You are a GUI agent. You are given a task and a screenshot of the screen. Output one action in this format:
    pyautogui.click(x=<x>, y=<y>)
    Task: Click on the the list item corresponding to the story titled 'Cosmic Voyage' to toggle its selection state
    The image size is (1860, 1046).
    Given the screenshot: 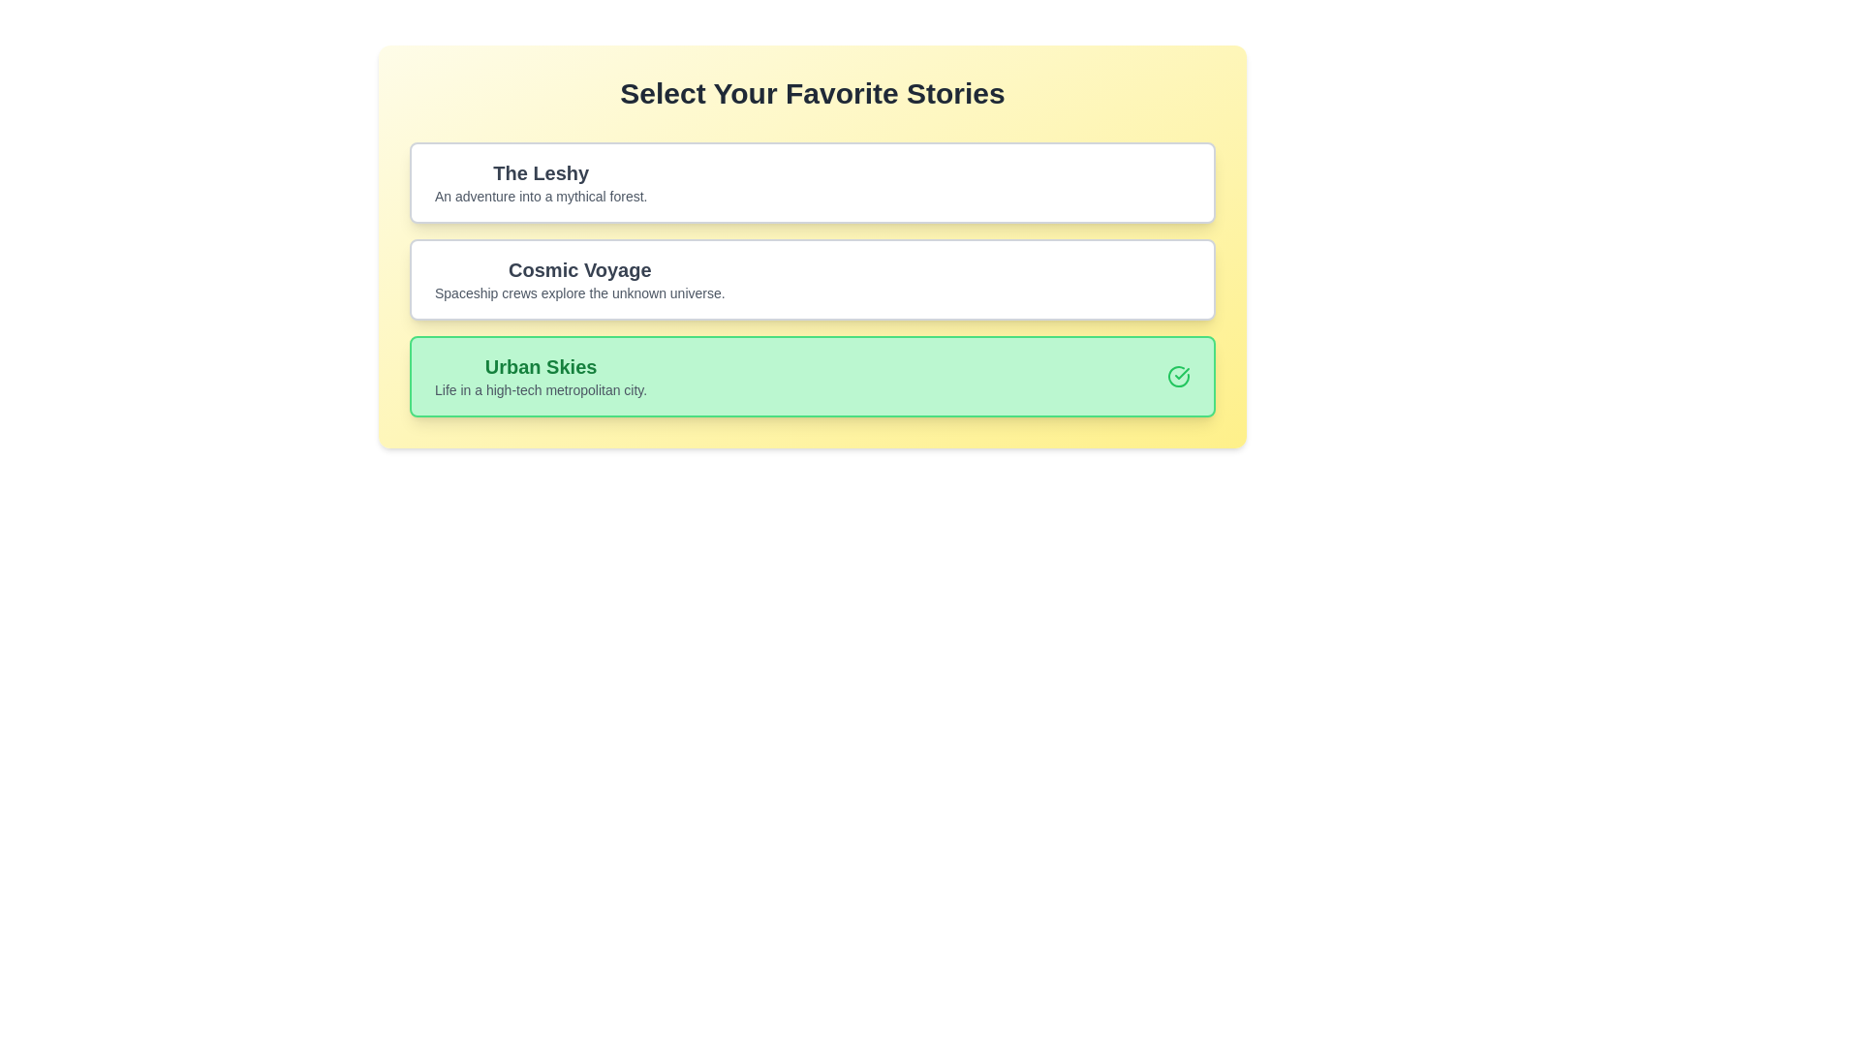 What is the action you would take?
    pyautogui.click(x=813, y=280)
    